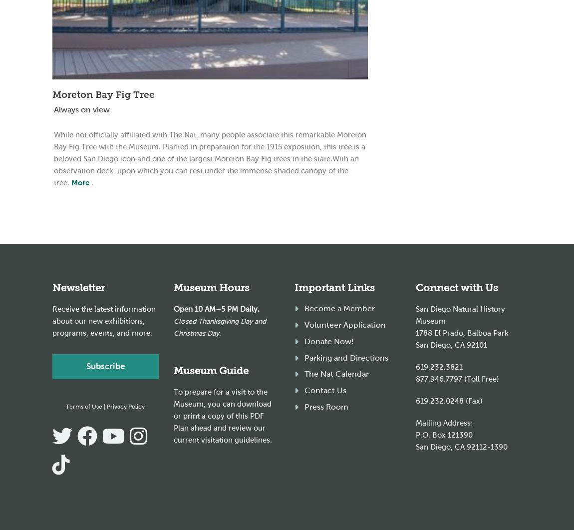  I want to click on 'Museum Hours', so click(211, 287).